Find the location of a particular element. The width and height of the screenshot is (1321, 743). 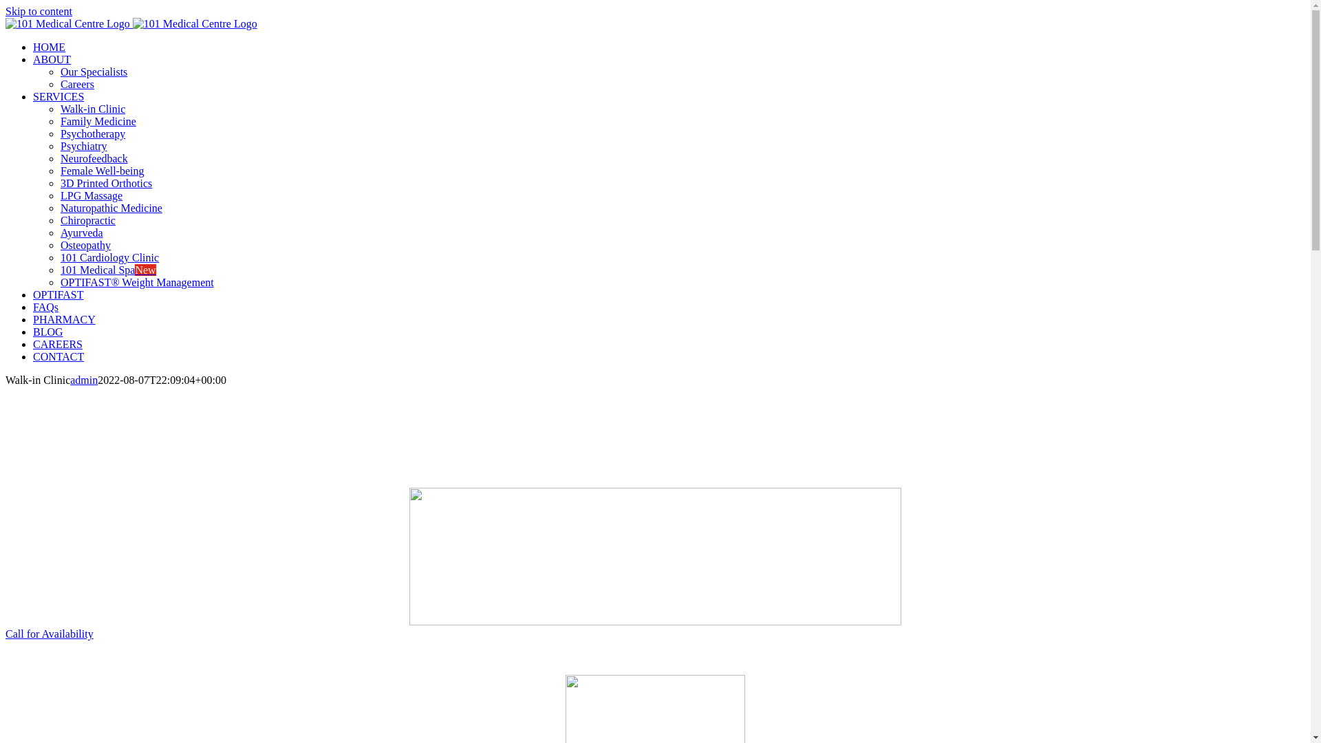

'Chiropractic' is located at coordinates (87, 219).